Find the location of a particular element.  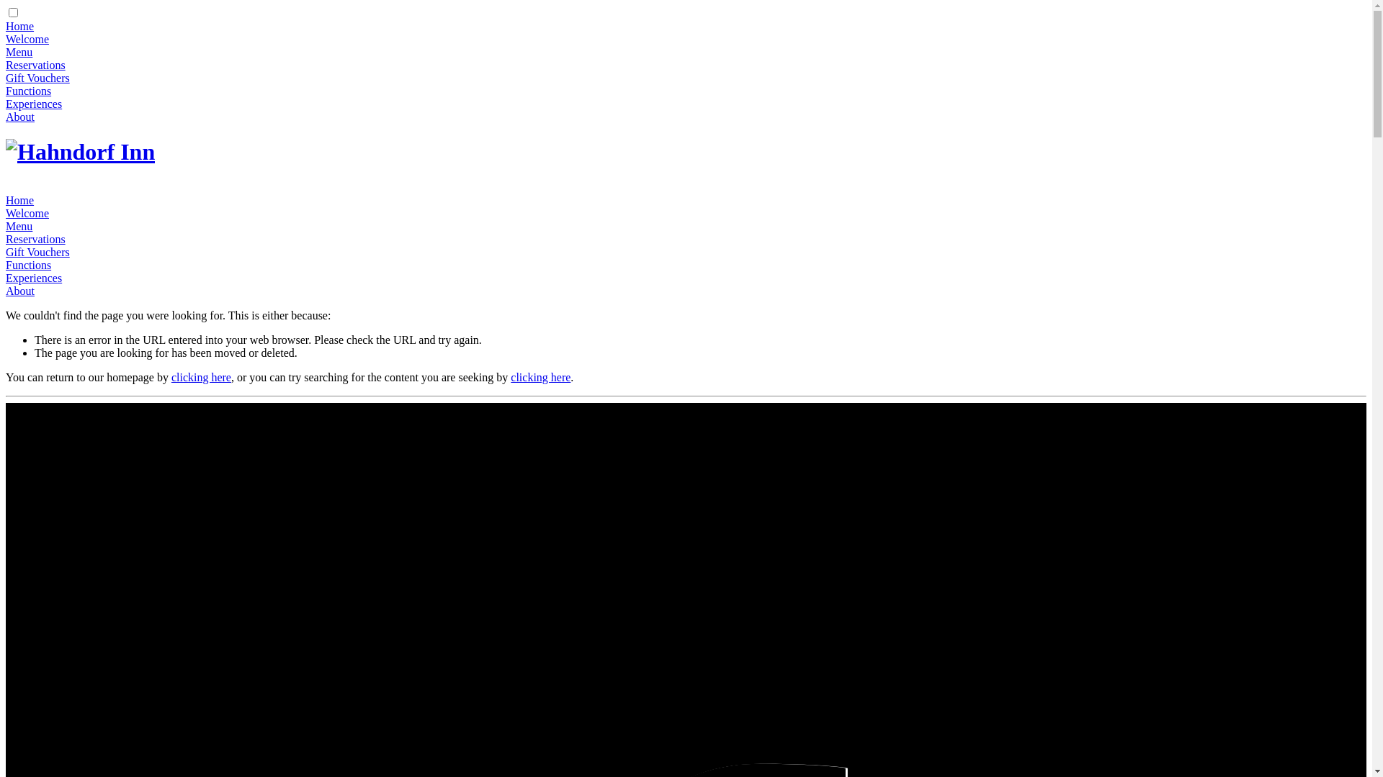

'Reservations' is located at coordinates (35, 65).